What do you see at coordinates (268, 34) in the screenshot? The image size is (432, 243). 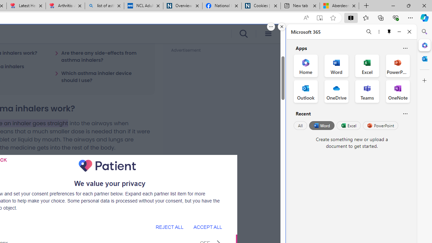 I see `'menu icon'` at bounding box center [268, 34].